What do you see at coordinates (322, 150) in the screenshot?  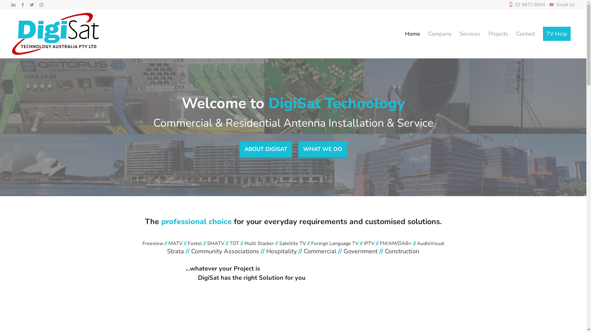 I see `'WHAT WE DO'` at bounding box center [322, 150].